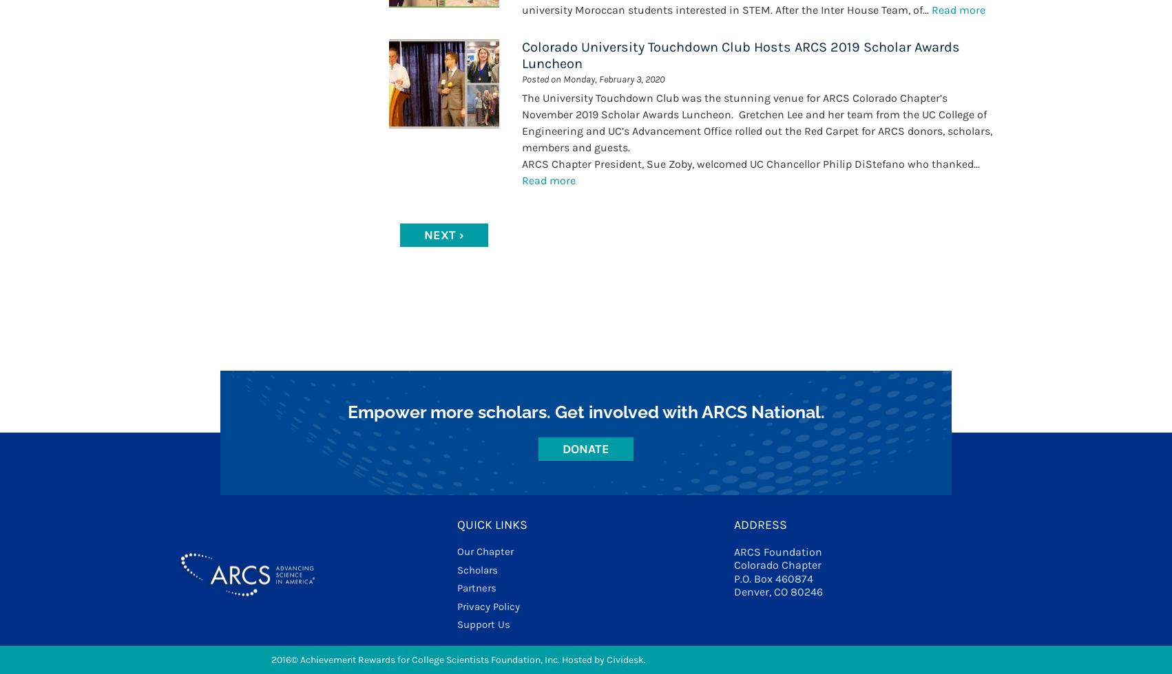  Describe the element at coordinates (733, 525) in the screenshot. I see `'Address'` at that location.